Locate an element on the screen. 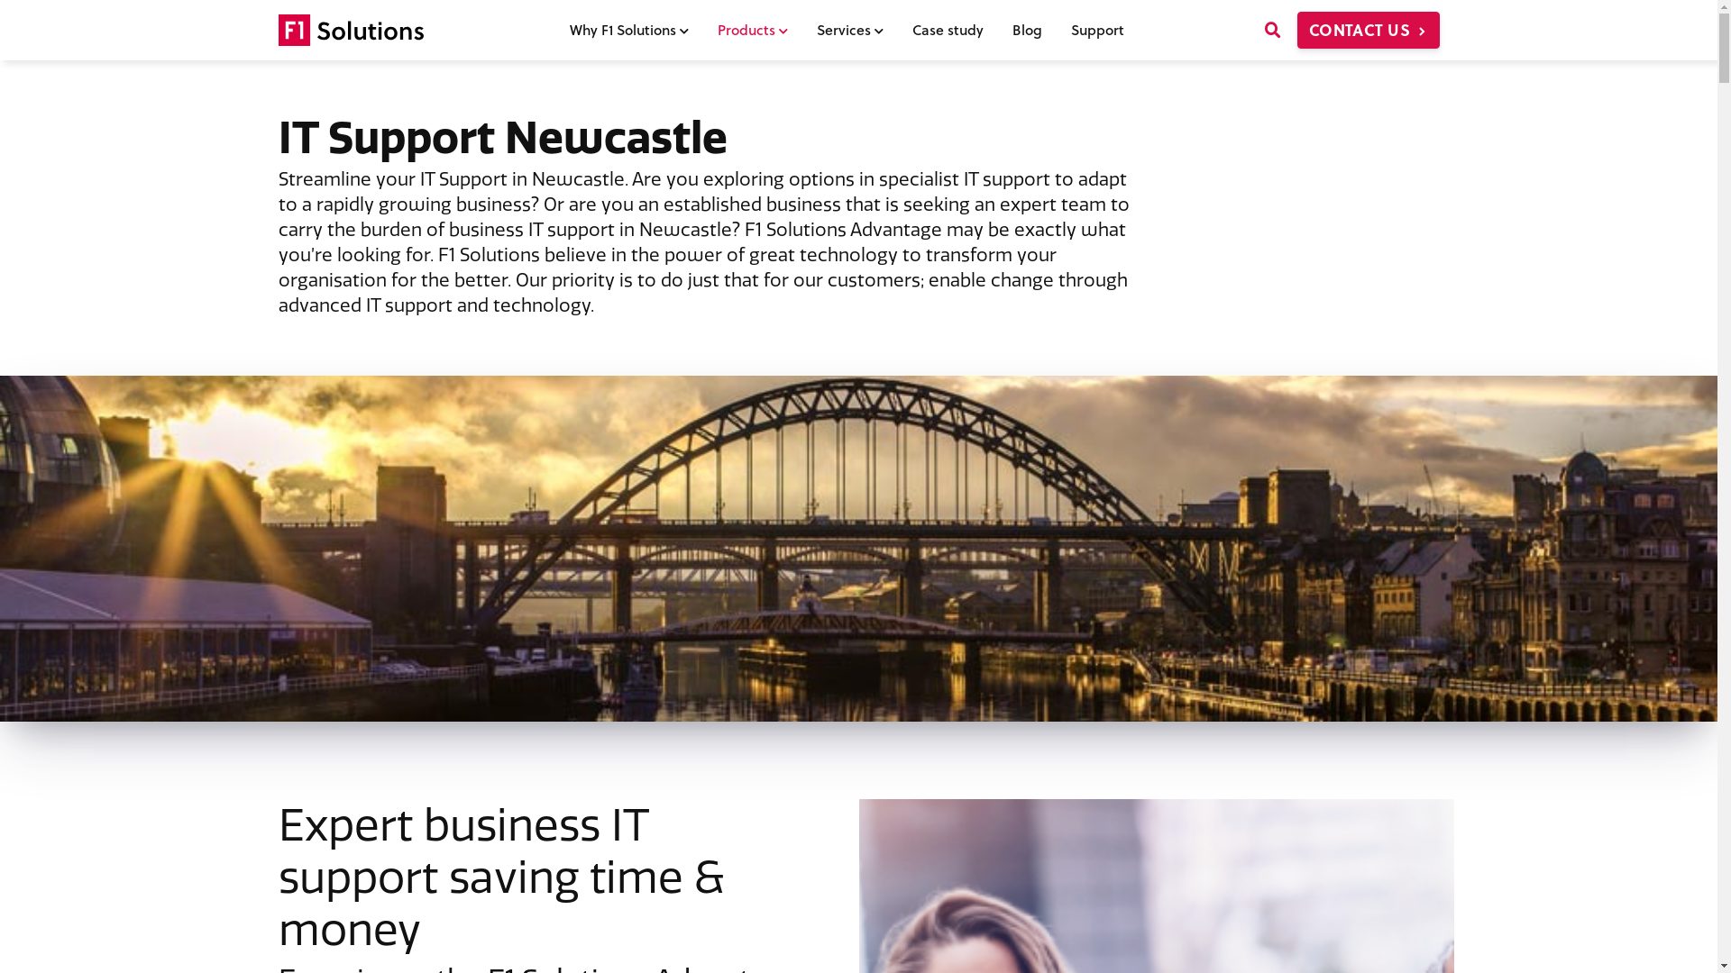  'Services' is located at coordinates (848, 30).